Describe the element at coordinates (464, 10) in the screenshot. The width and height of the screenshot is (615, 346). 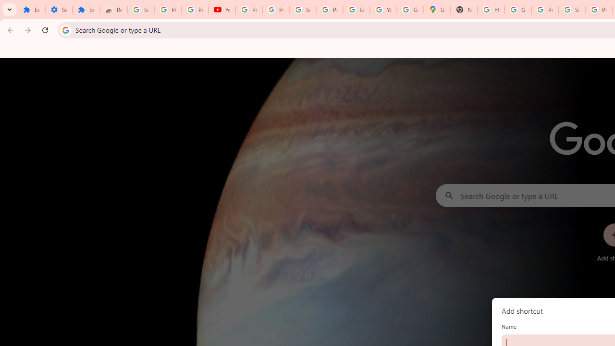
I see `'New Tab'` at that location.